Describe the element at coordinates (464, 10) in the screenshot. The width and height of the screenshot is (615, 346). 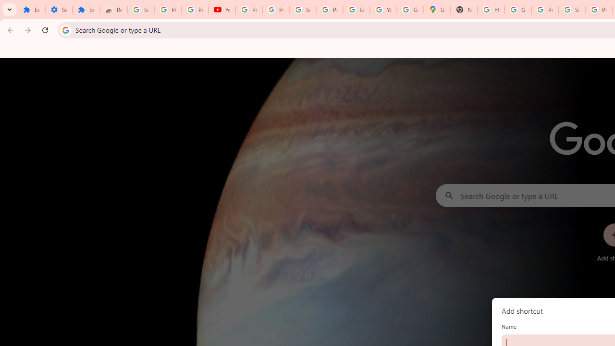
I see `'New Tab'` at that location.